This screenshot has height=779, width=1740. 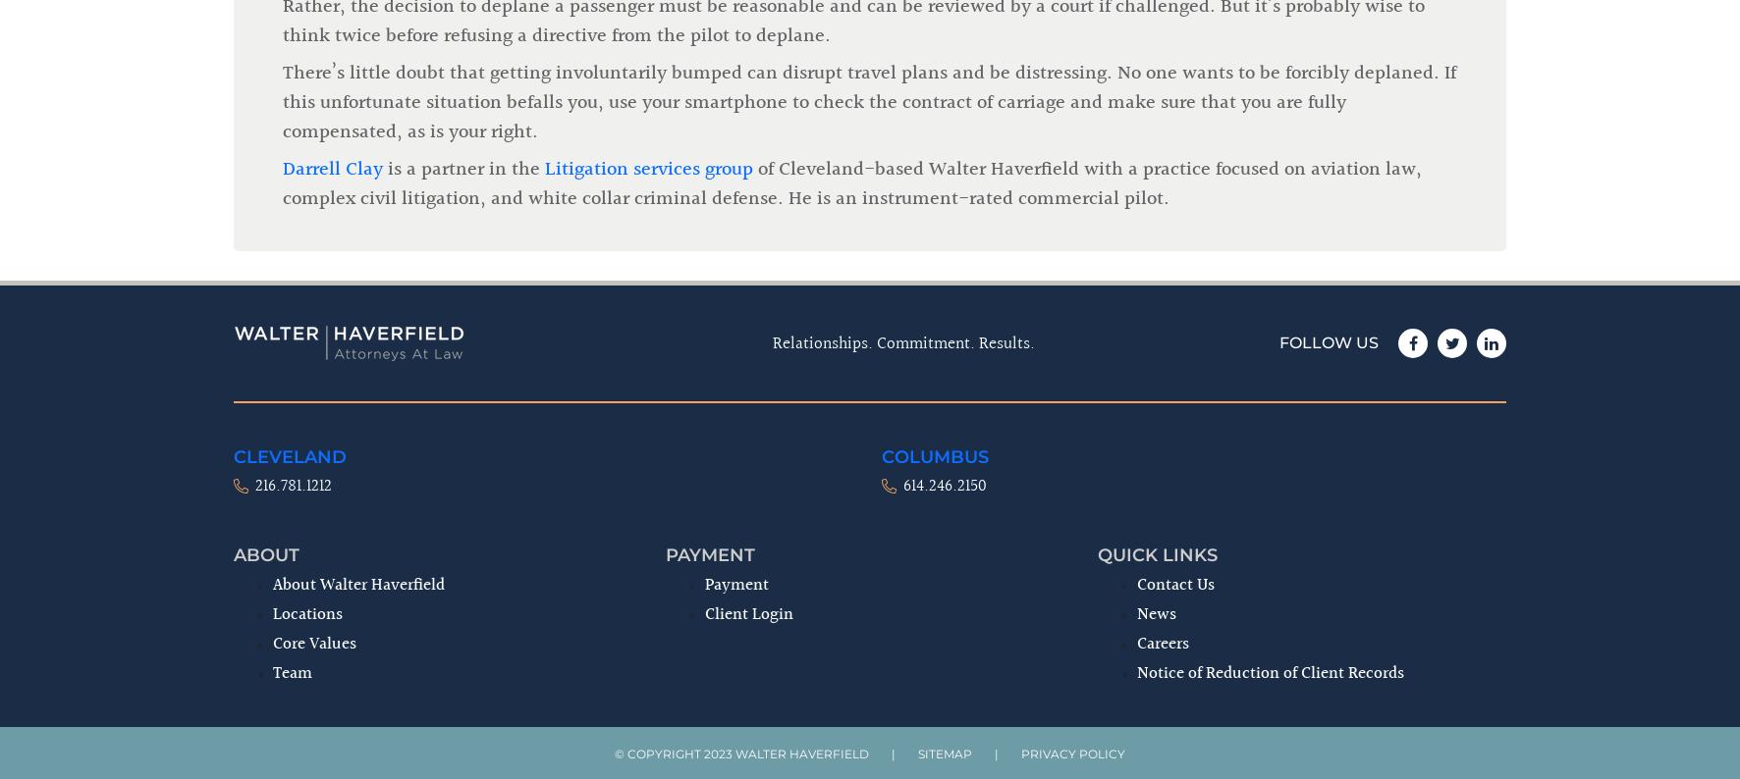 What do you see at coordinates (289, 131) in the screenshot?
I see `'Cleveland'` at bounding box center [289, 131].